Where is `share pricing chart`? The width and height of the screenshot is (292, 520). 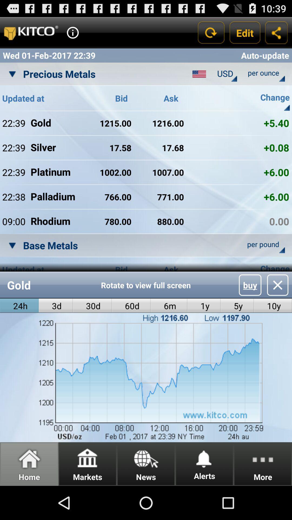
share pricing chart is located at coordinates (276, 32).